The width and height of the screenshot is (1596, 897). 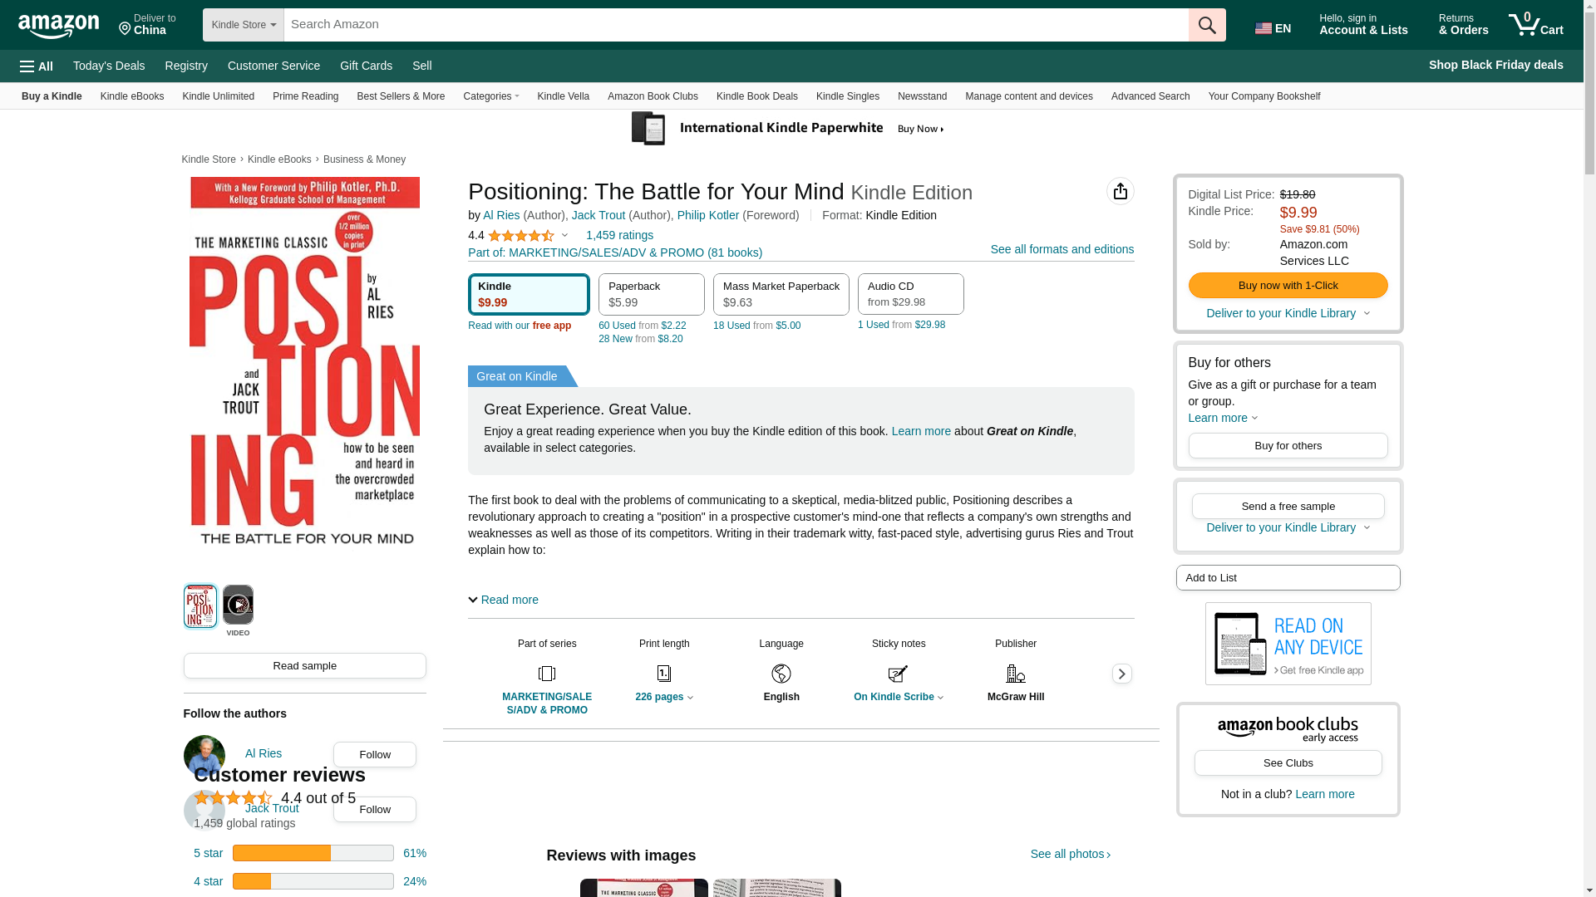 What do you see at coordinates (847, 96) in the screenshot?
I see `'Kindle Singles'` at bounding box center [847, 96].